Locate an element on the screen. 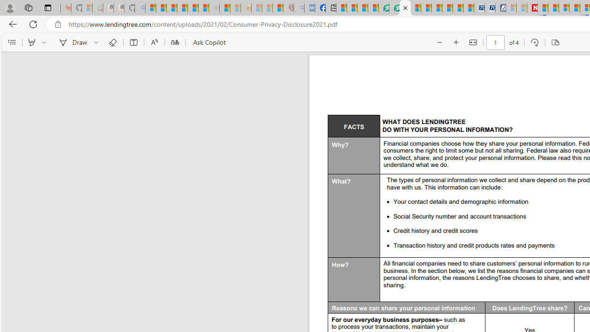 The height and width of the screenshot is (332, 590). 'New Report Confirms 2023 Was Record Hot | Watch' is located at coordinates (193, 8).